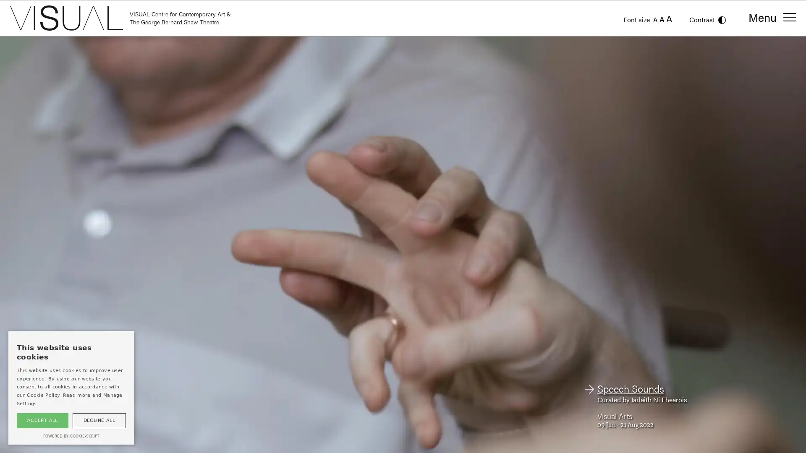  Describe the element at coordinates (42, 420) in the screenshot. I see `ACCEPT ALL` at that location.